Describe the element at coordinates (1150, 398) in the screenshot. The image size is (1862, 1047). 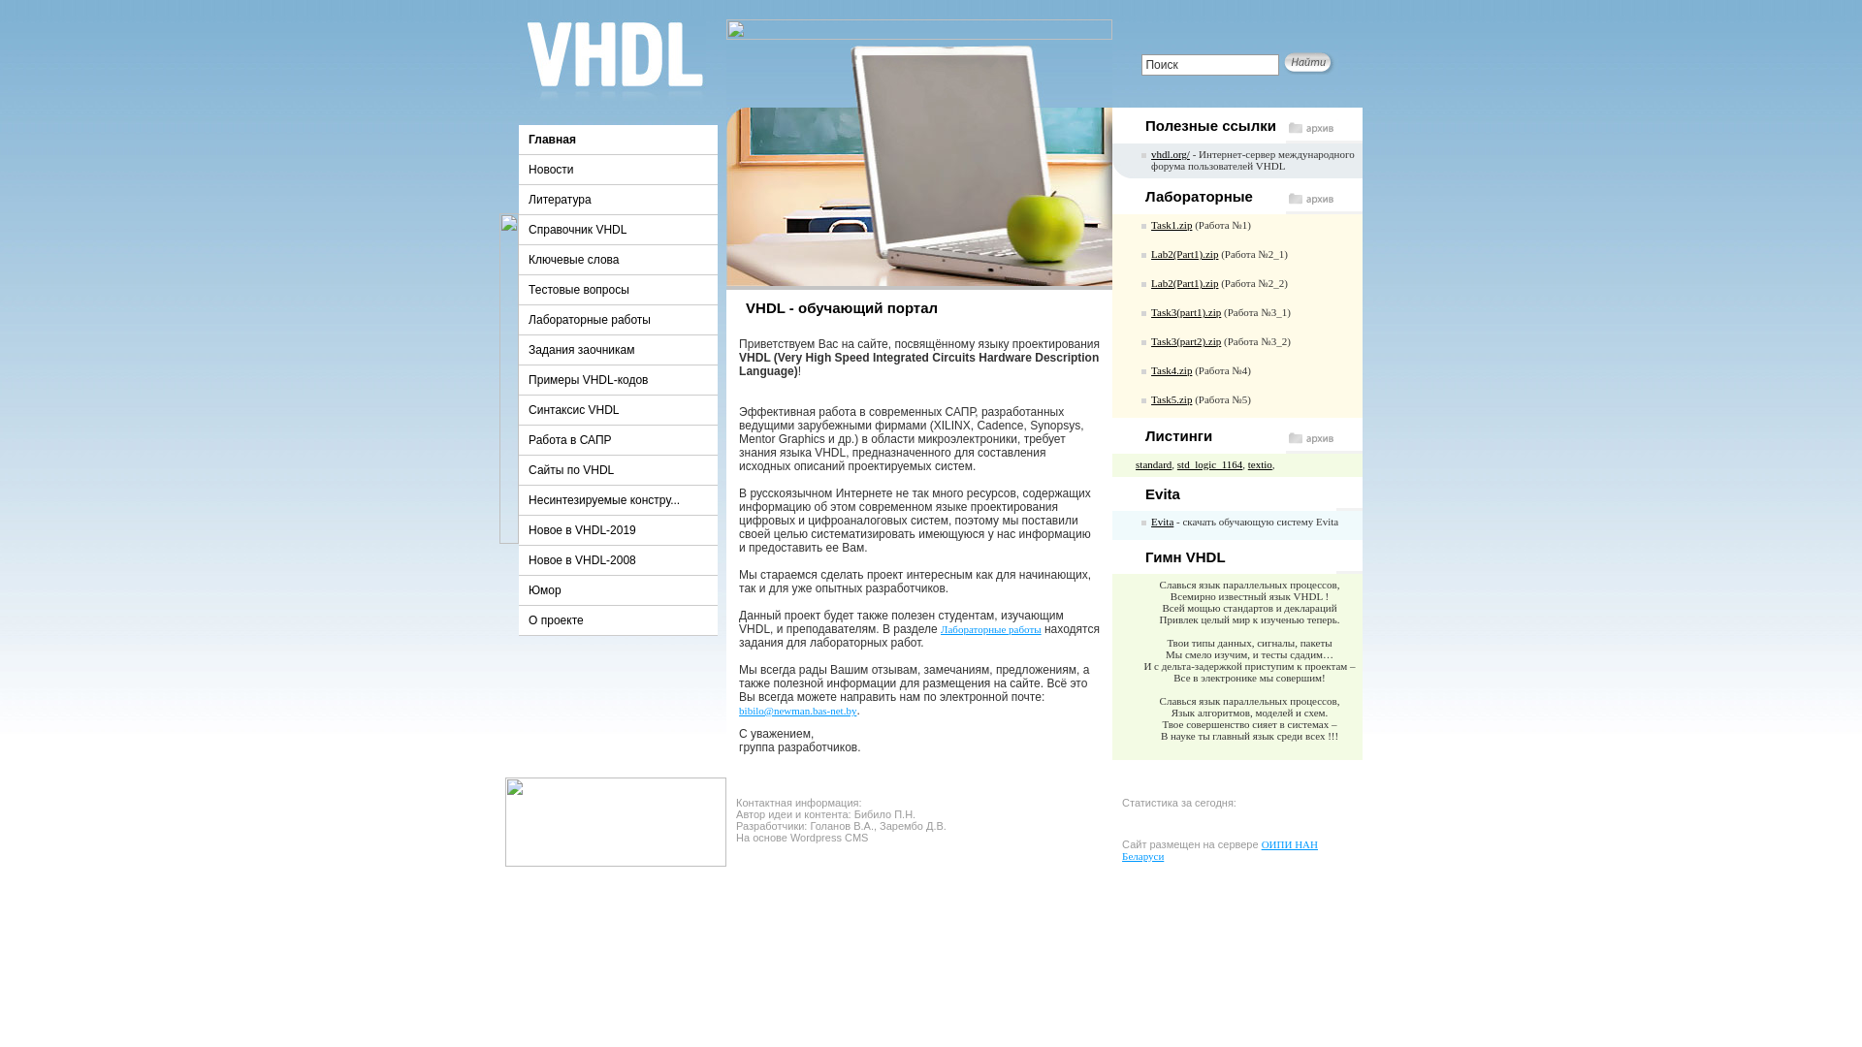
I see `'Task5.zip'` at that location.